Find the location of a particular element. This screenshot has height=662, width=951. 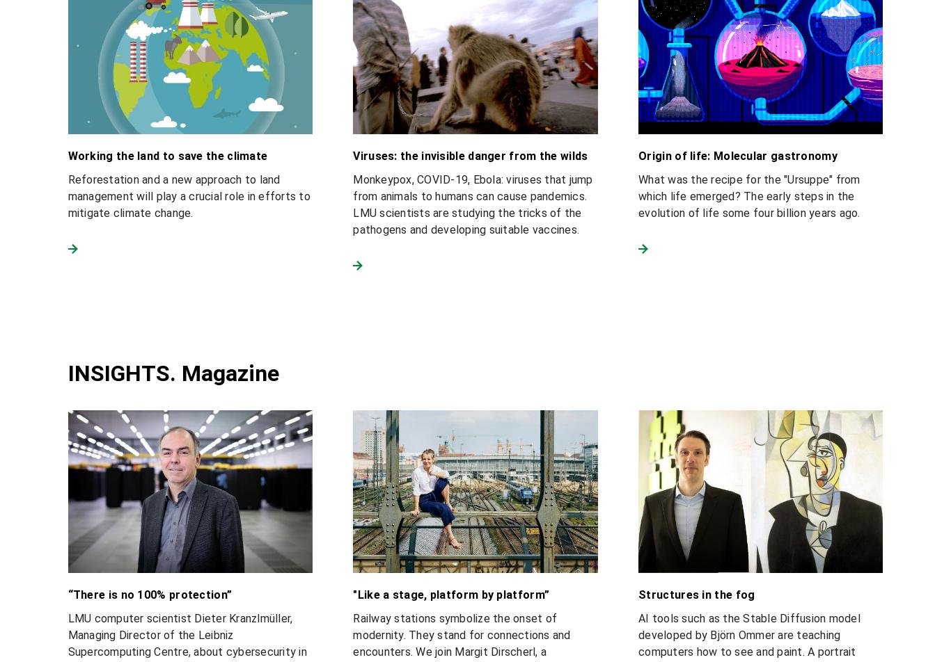

'Structures in the fog' is located at coordinates (696, 595).